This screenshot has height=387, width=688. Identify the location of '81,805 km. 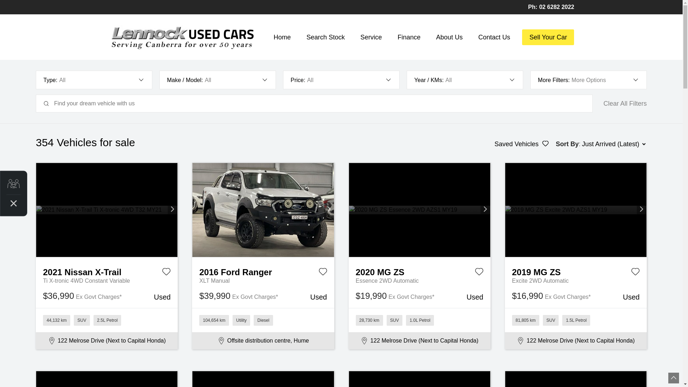
(576, 320).